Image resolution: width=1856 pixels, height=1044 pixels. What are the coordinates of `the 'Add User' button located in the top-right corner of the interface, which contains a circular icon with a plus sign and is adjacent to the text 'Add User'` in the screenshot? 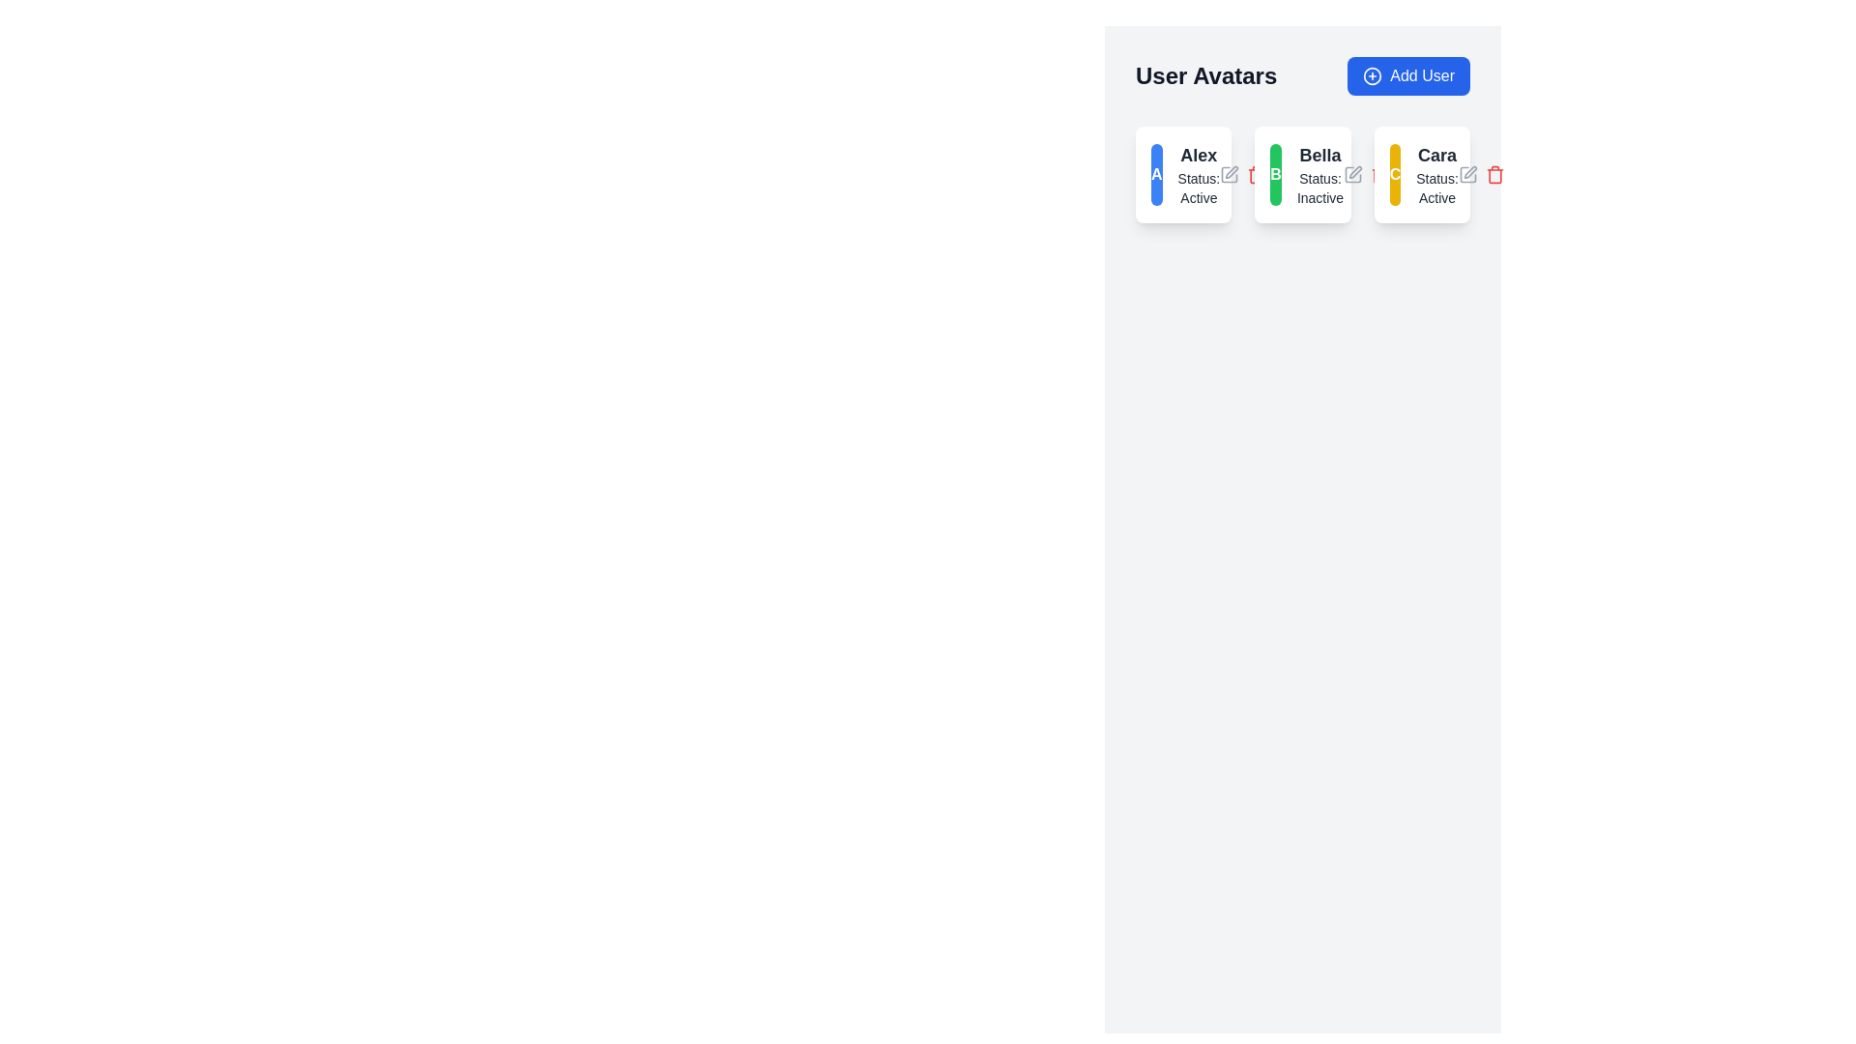 It's located at (1372, 74).